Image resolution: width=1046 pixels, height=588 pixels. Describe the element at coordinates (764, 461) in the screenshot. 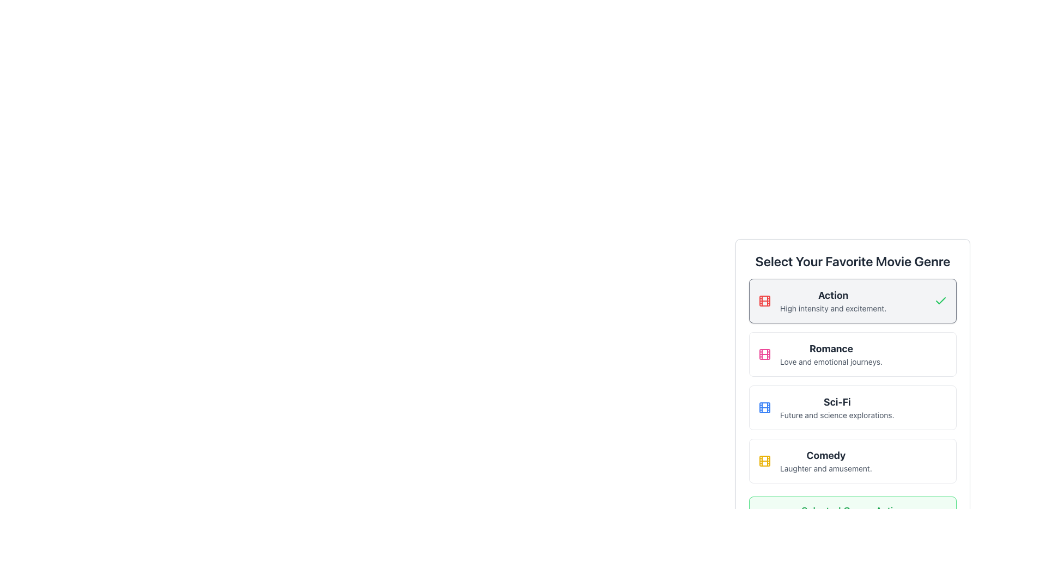

I see `the film strip icon in the 'Select Your Favorite Movie Genre' list, which is positioned to the left of the 'Comedy' text` at that location.